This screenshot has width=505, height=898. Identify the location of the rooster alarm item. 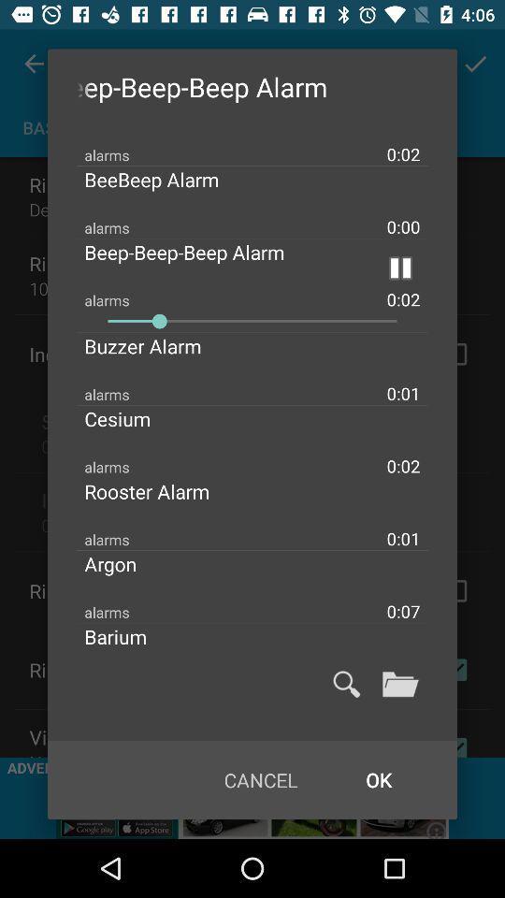
(162, 490).